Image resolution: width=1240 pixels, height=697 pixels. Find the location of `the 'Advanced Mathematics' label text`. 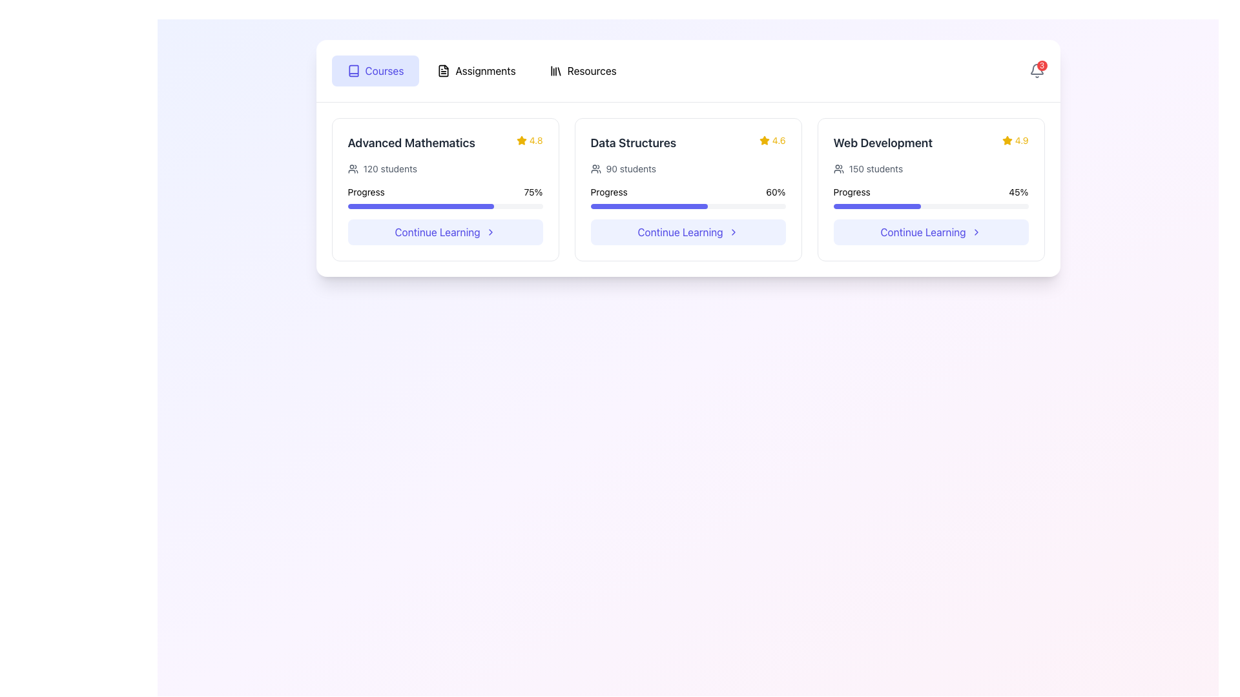

the 'Advanced Mathematics' label text is located at coordinates (445, 143).